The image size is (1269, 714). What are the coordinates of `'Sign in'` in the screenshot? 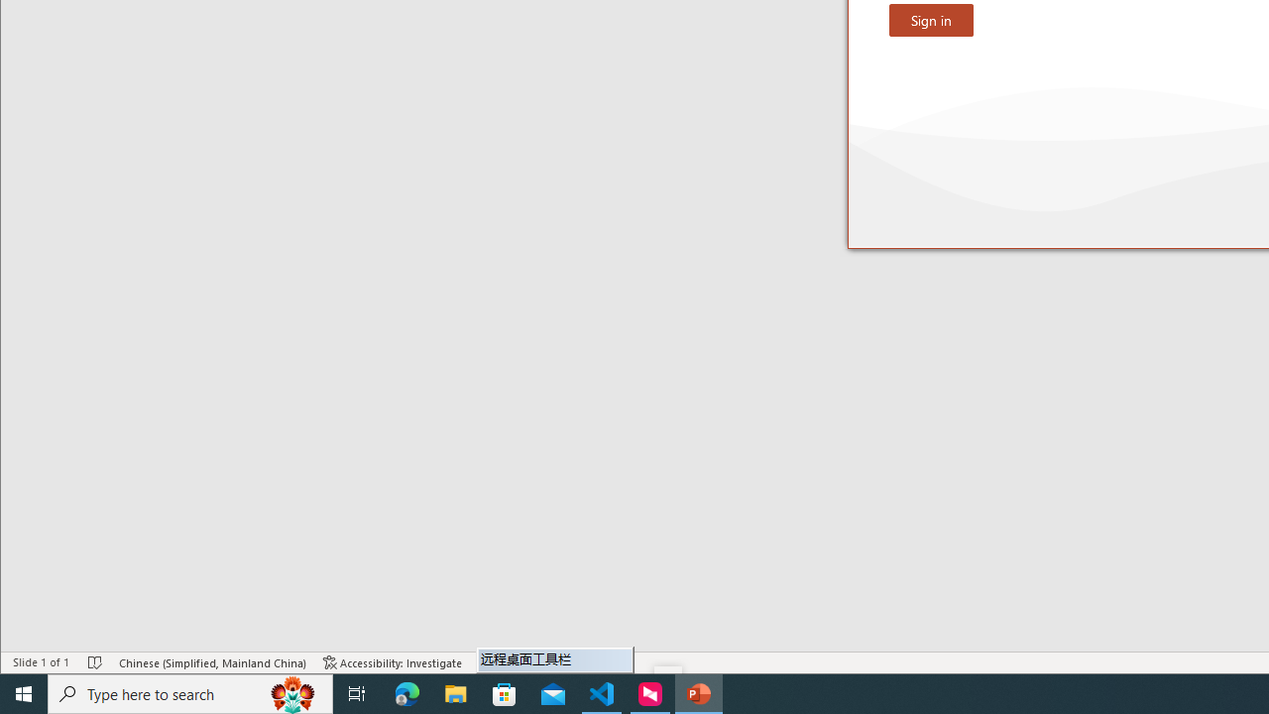 It's located at (930, 20).